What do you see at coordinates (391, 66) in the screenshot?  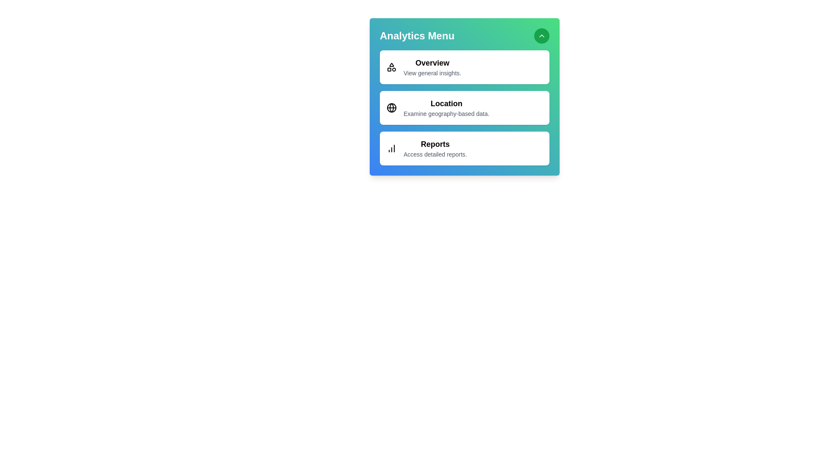 I see `the icon associated with Overview to perform its action` at bounding box center [391, 66].